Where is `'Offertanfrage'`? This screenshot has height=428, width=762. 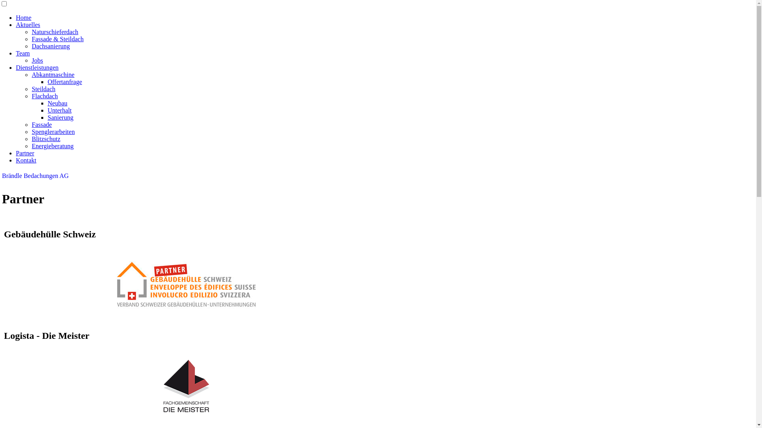
'Offertanfrage' is located at coordinates (65, 82).